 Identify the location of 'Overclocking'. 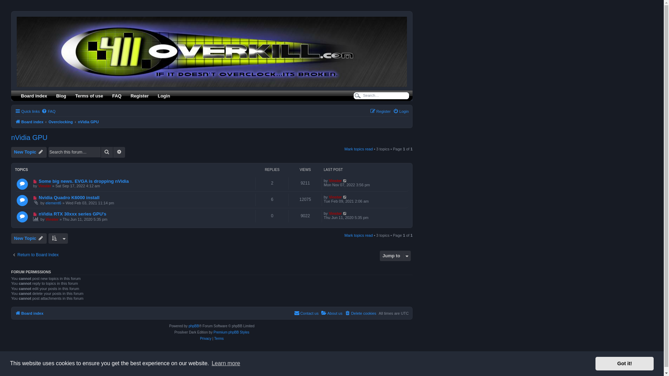
(60, 122).